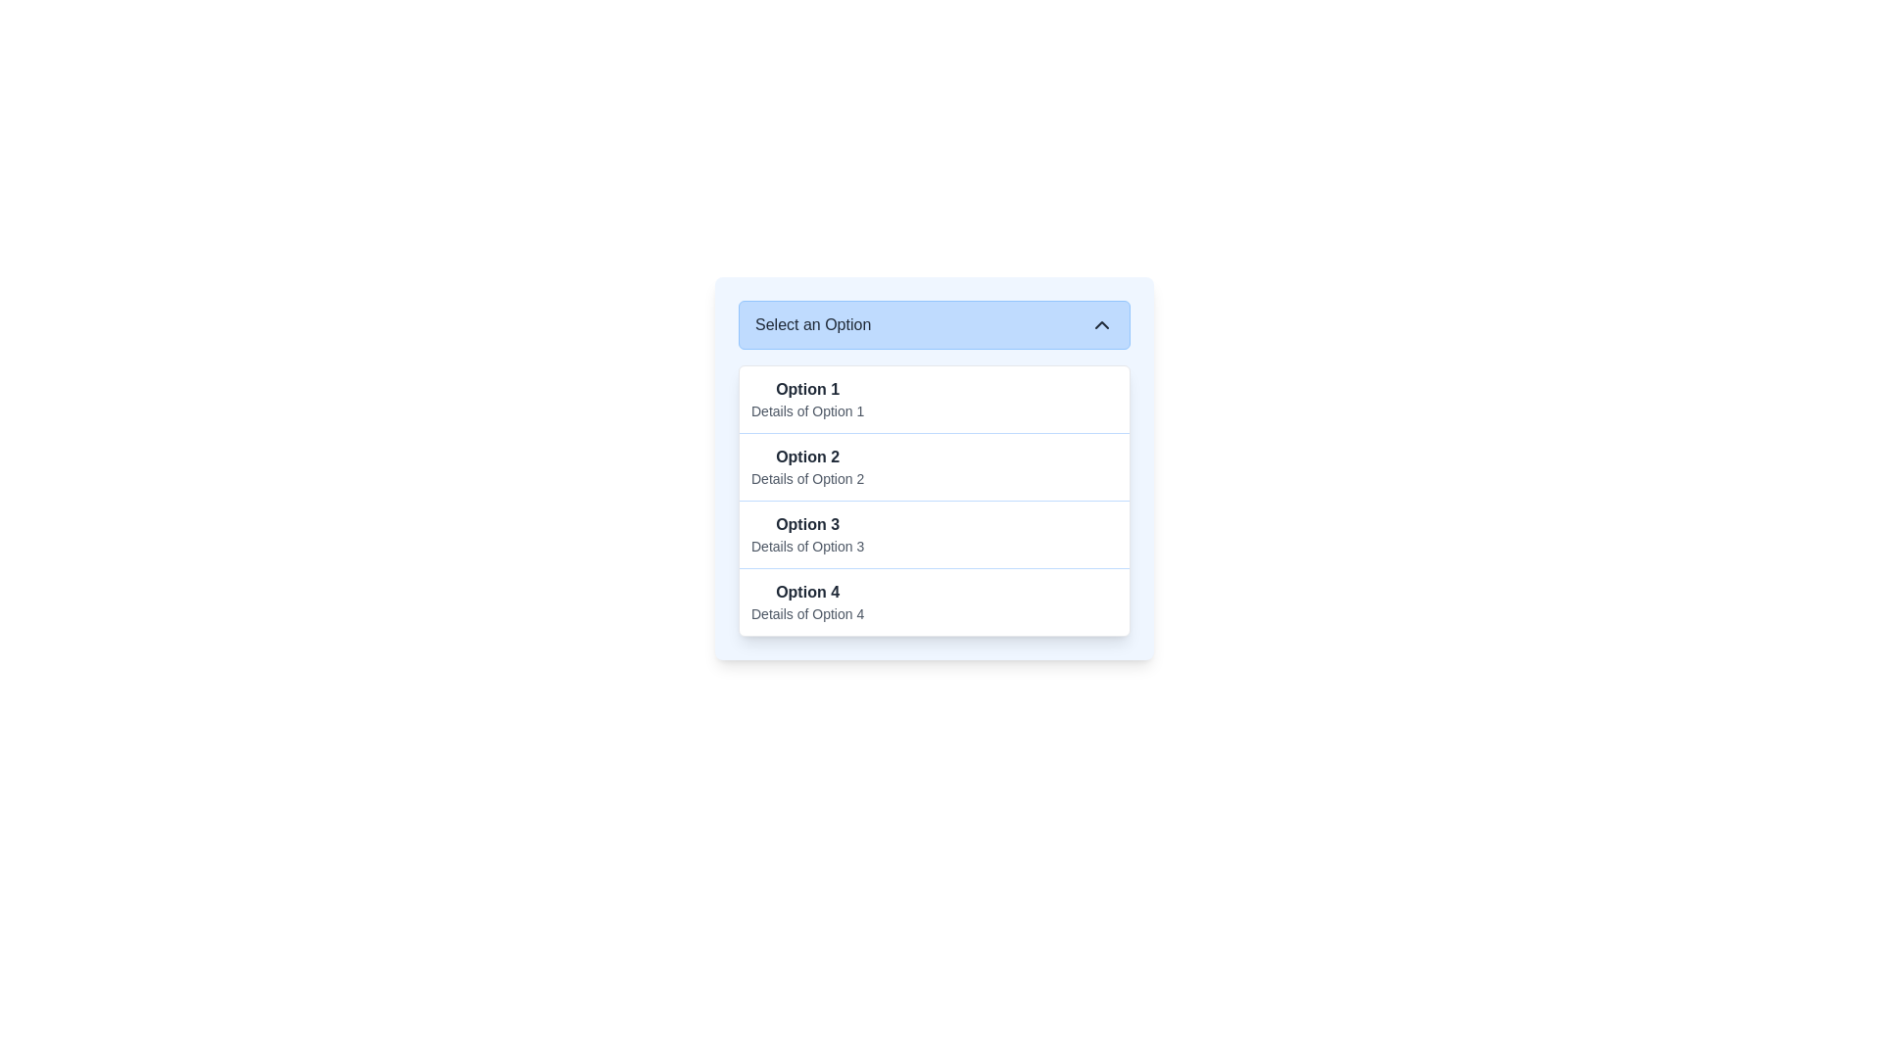  I want to click on to select 'Option 2' from the dropdown menu, which is the second item directly beneath 'Option 1', so click(807, 467).